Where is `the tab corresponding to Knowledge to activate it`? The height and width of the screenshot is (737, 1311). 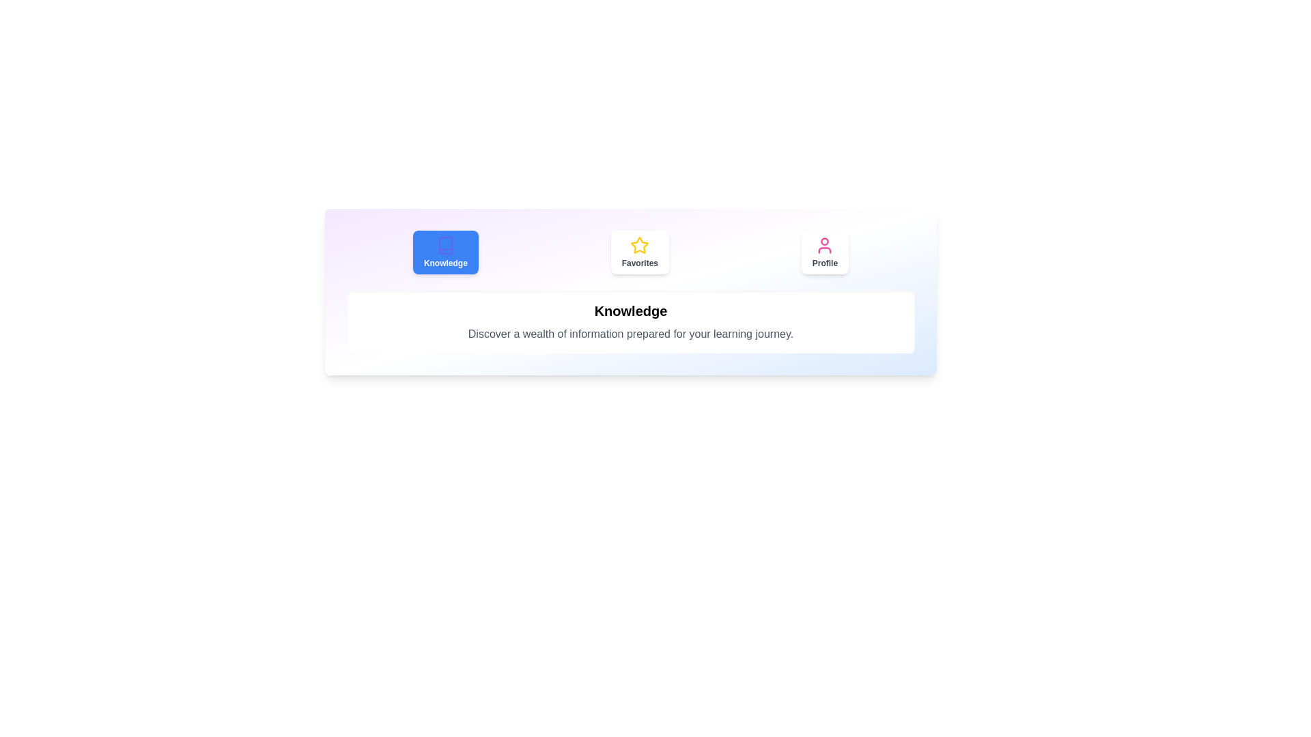 the tab corresponding to Knowledge to activate it is located at coordinates (445, 252).